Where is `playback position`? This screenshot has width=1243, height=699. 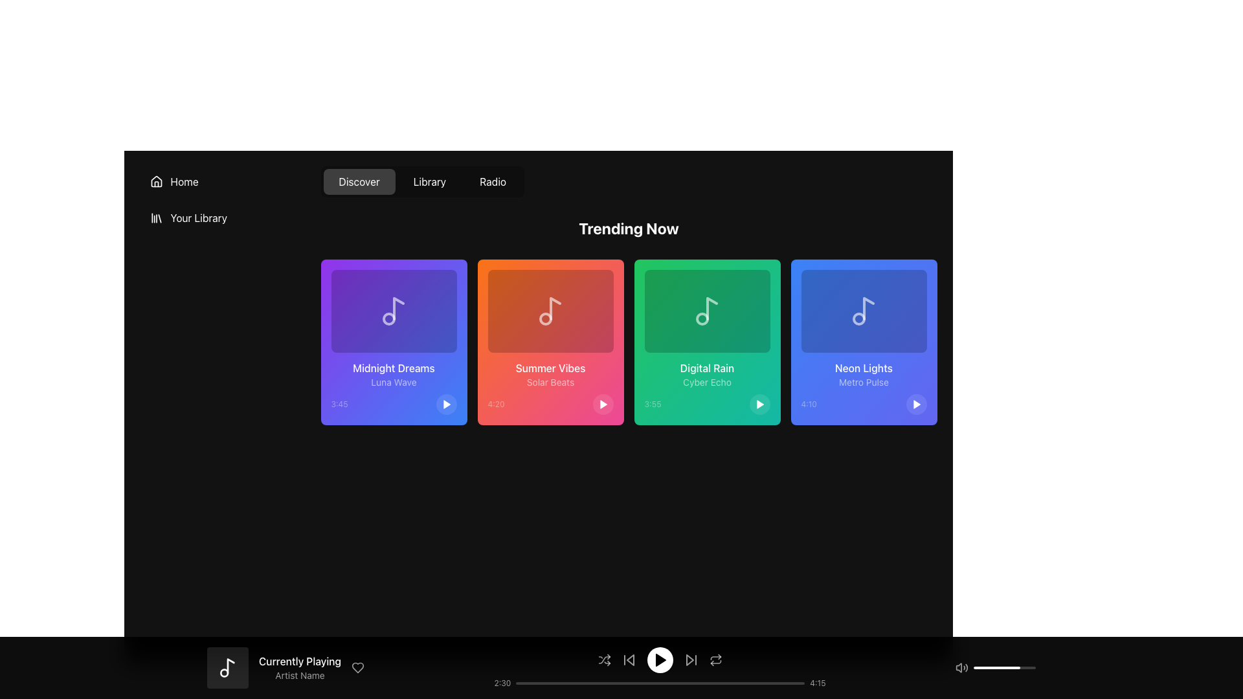
playback position is located at coordinates (578, 683).